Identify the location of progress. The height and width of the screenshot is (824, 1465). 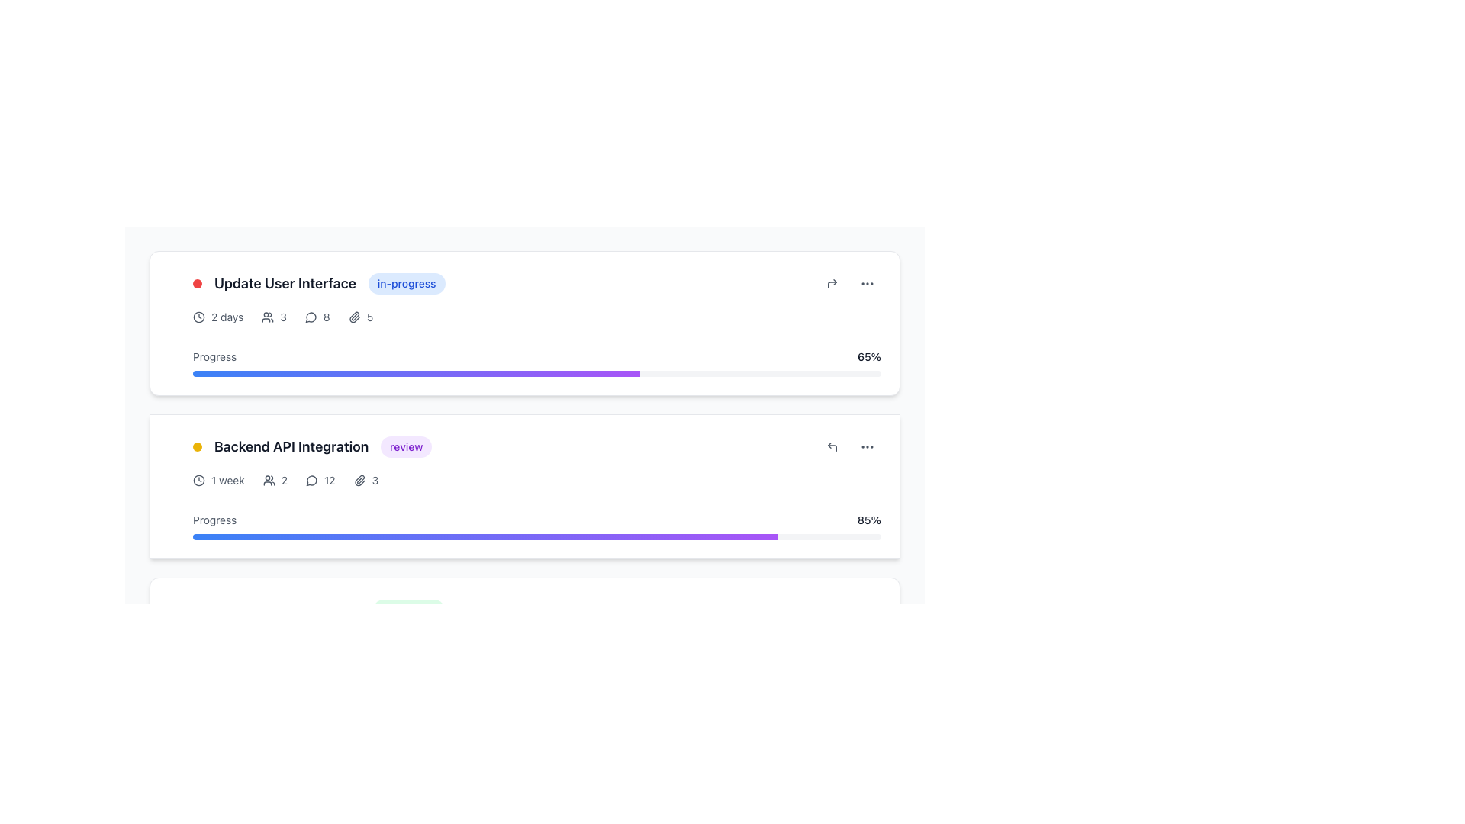
(403, 373).